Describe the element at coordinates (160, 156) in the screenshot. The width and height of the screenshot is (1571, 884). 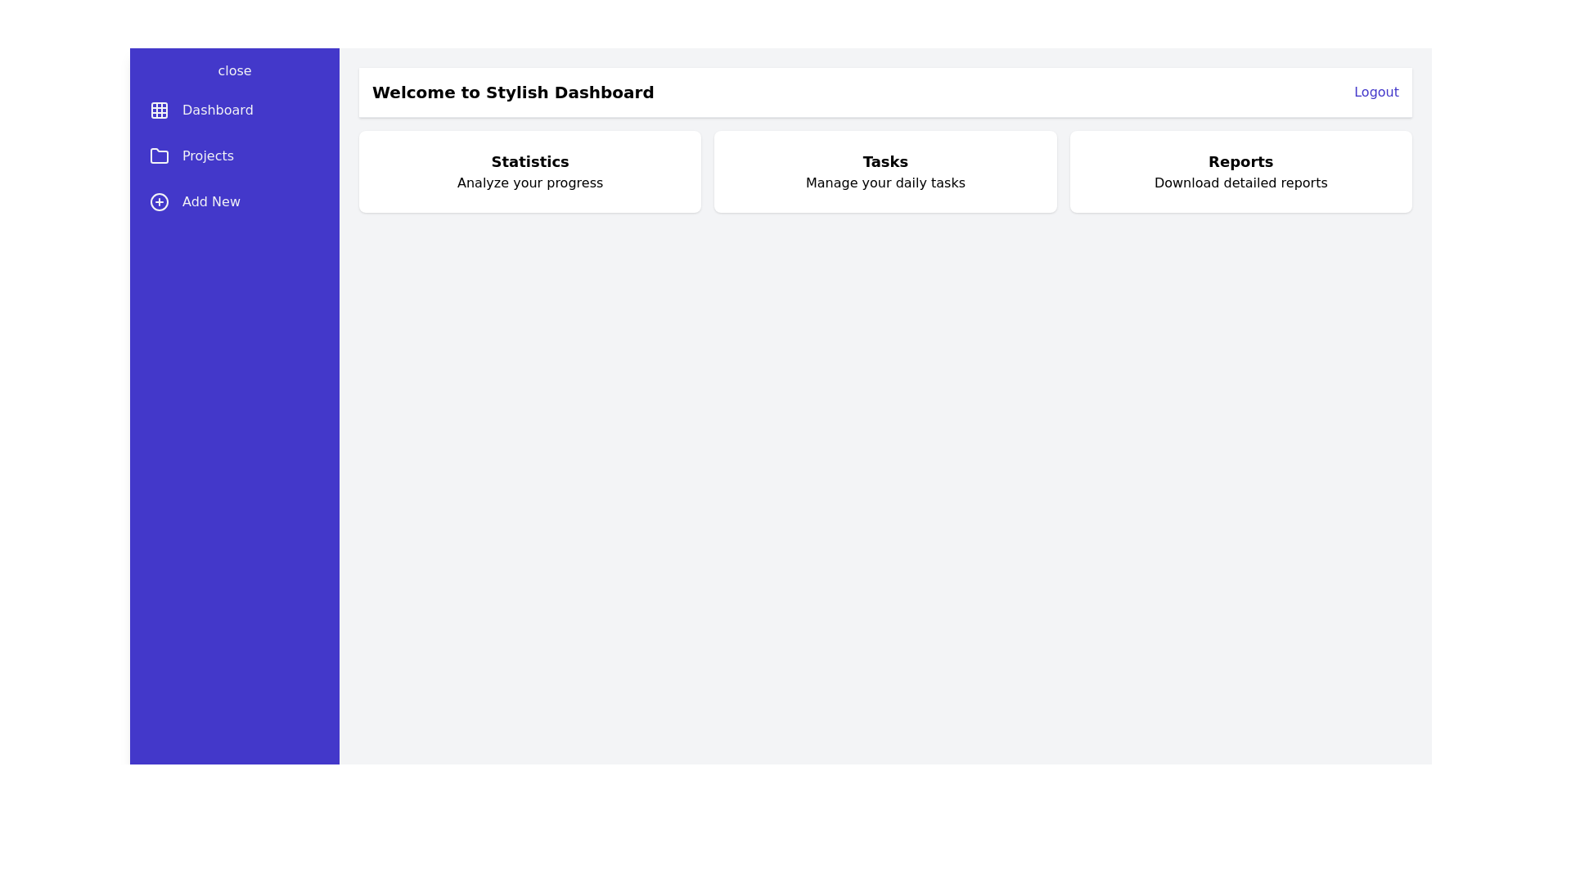
I see `the small folder-shaped icon located slightly to the left of the 'Projects' text label in the sidebar menu` at that location.